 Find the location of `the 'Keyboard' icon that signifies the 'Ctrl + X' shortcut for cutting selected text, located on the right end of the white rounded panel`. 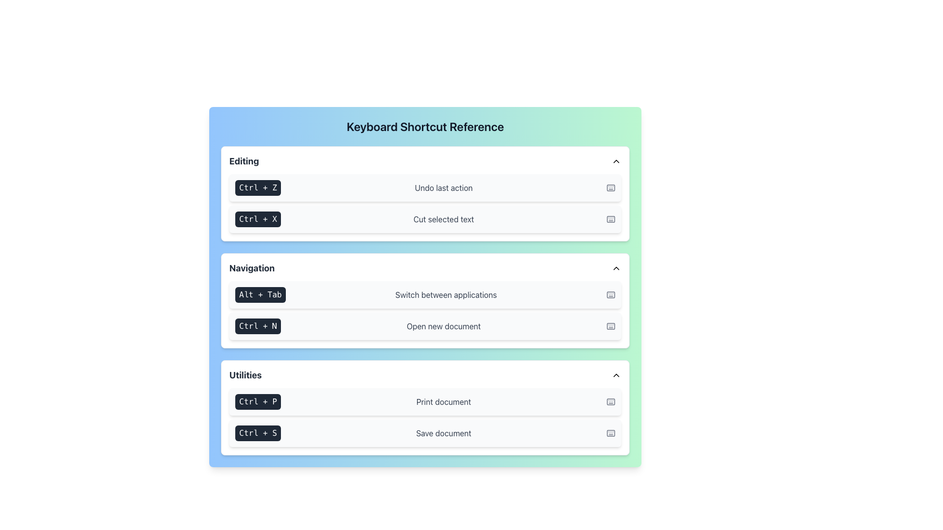

the 'Keyboard' icon that signifies the 'Ctrl + X' shortcut for cutting selected text, located on the right end of the white rounded panel is located at coordinates (610, 219).